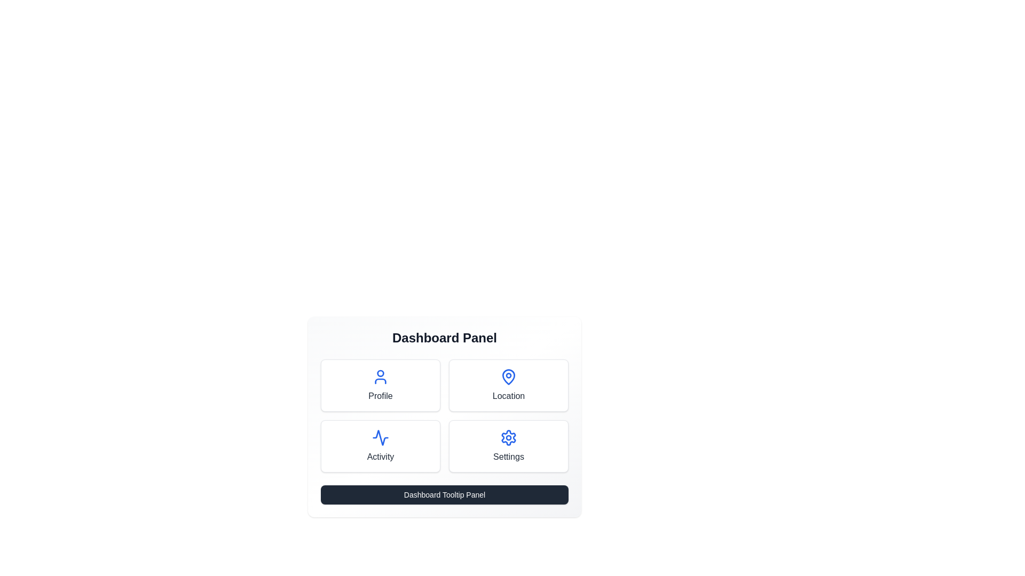 The width and height of the screenshot is (1025, 576). What do you see at coordinates (381, 385) in the screenshot?
I see `the 'Profile' button located at the top-left of the grid to trigger hover effects` at bounding box center [381, 385].